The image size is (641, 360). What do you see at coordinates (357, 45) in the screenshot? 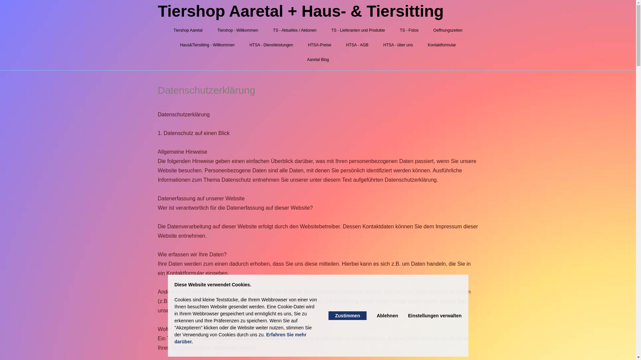
I see `'HTSA - AGB'` at bounding box center [357, 45].